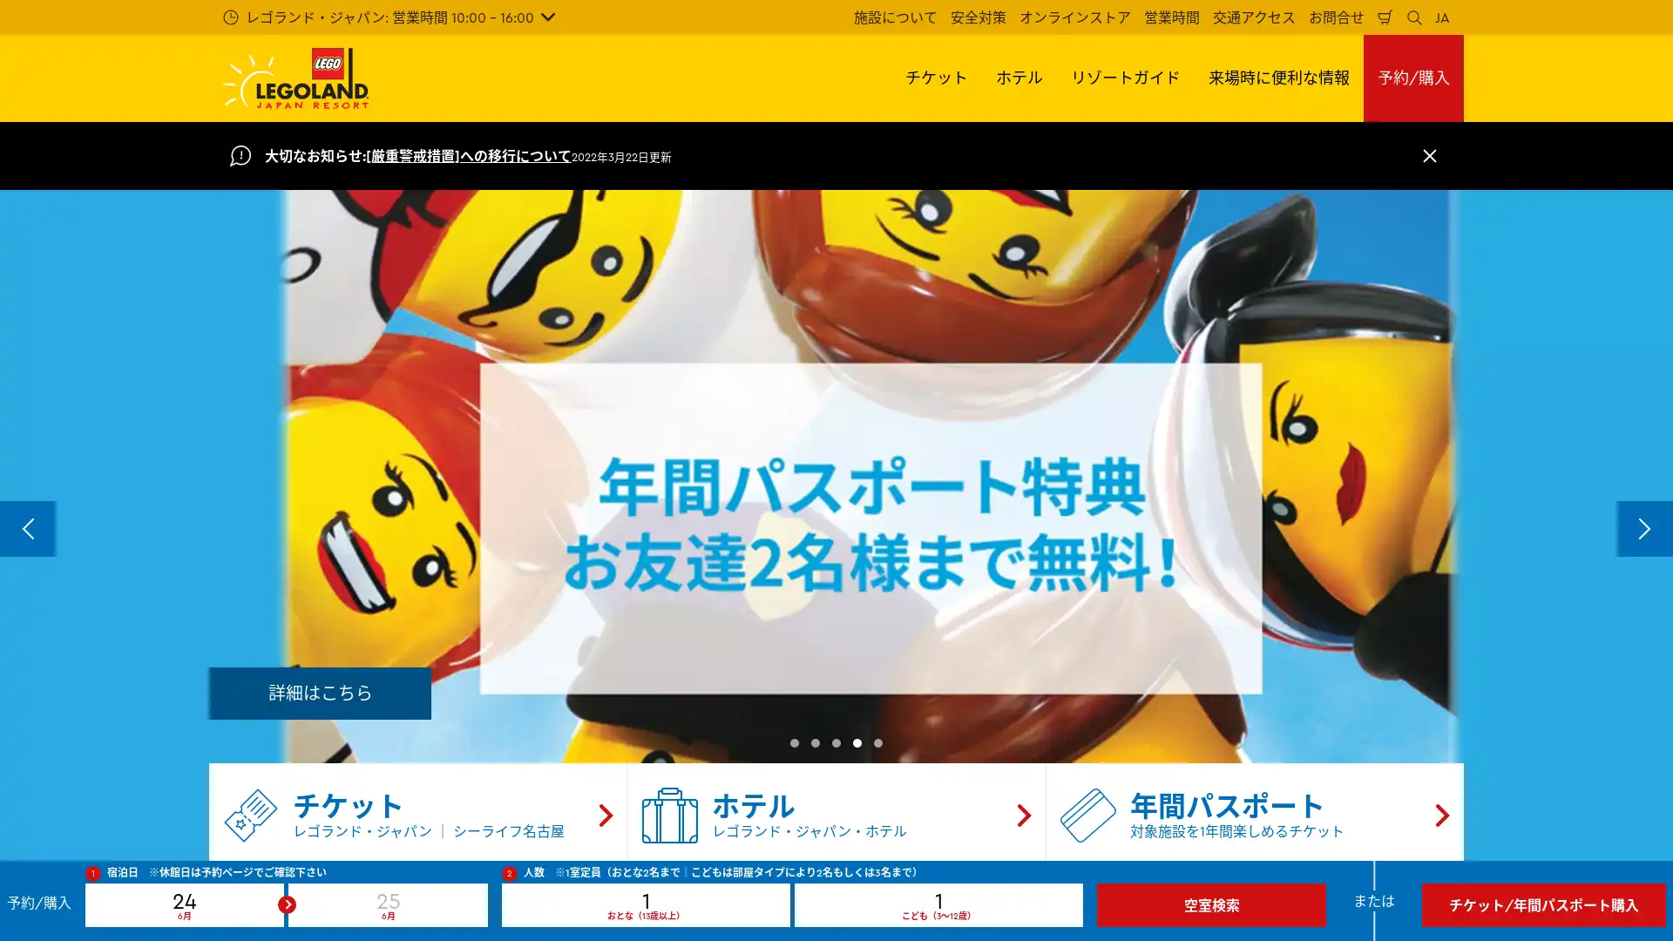 The height and width of the screenshot is (941, 1673). I want to click on JA, so click(1442, 17).